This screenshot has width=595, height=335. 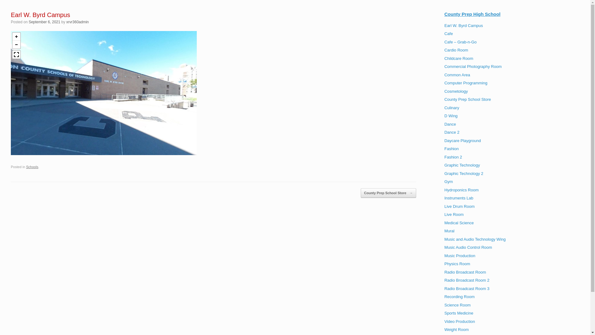 I want to click on 'Live Room', so click(x=454, y=214).